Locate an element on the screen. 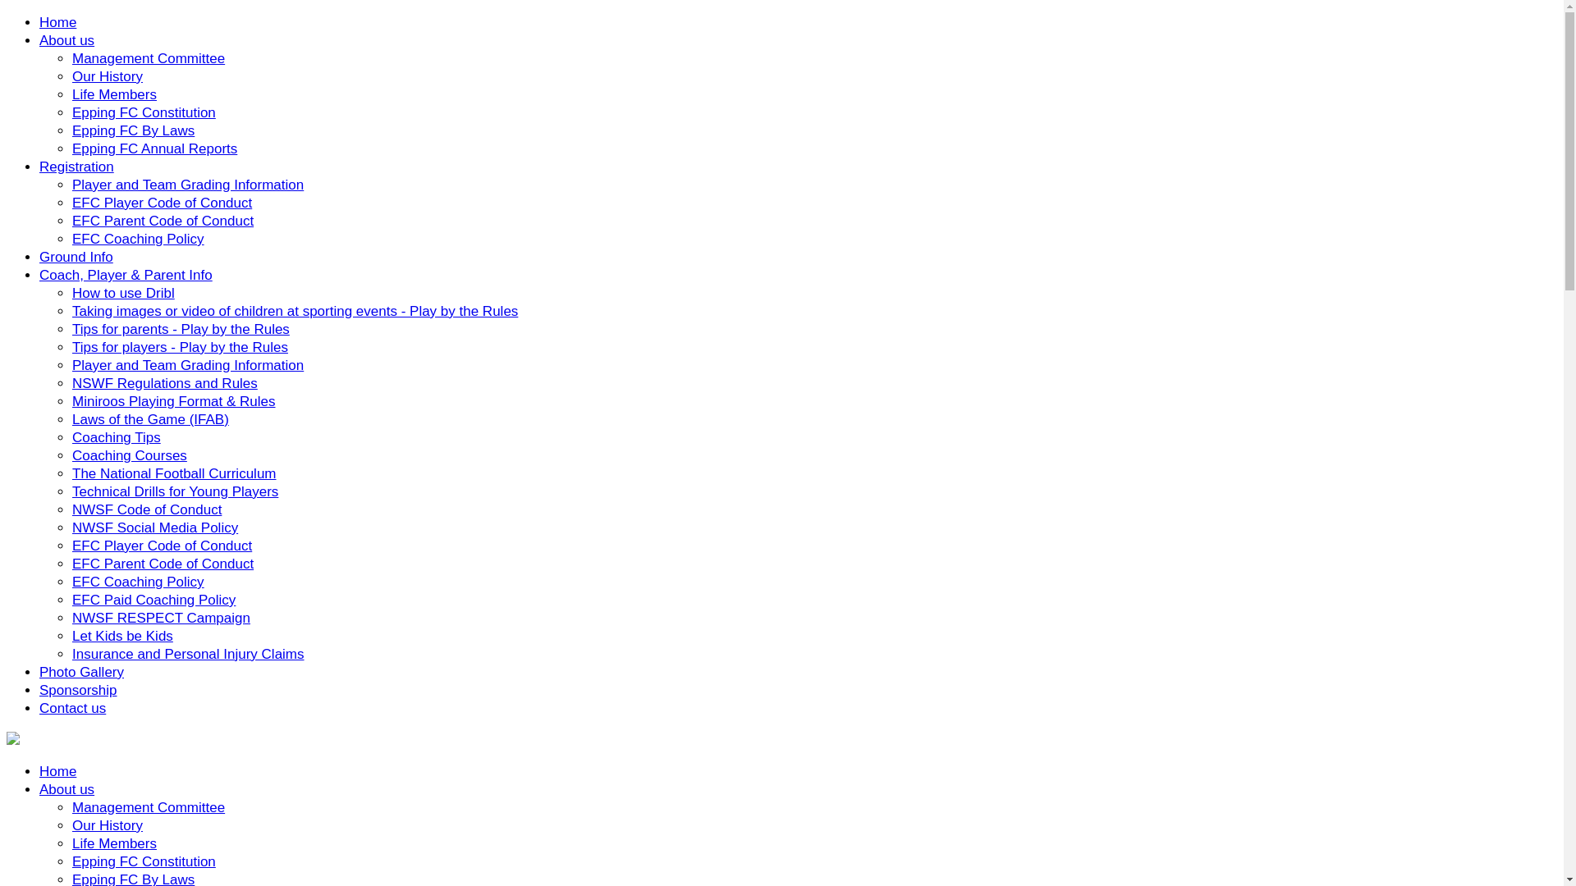  'Coach, Player & Parent Info' is located at coordinates (125, 274).